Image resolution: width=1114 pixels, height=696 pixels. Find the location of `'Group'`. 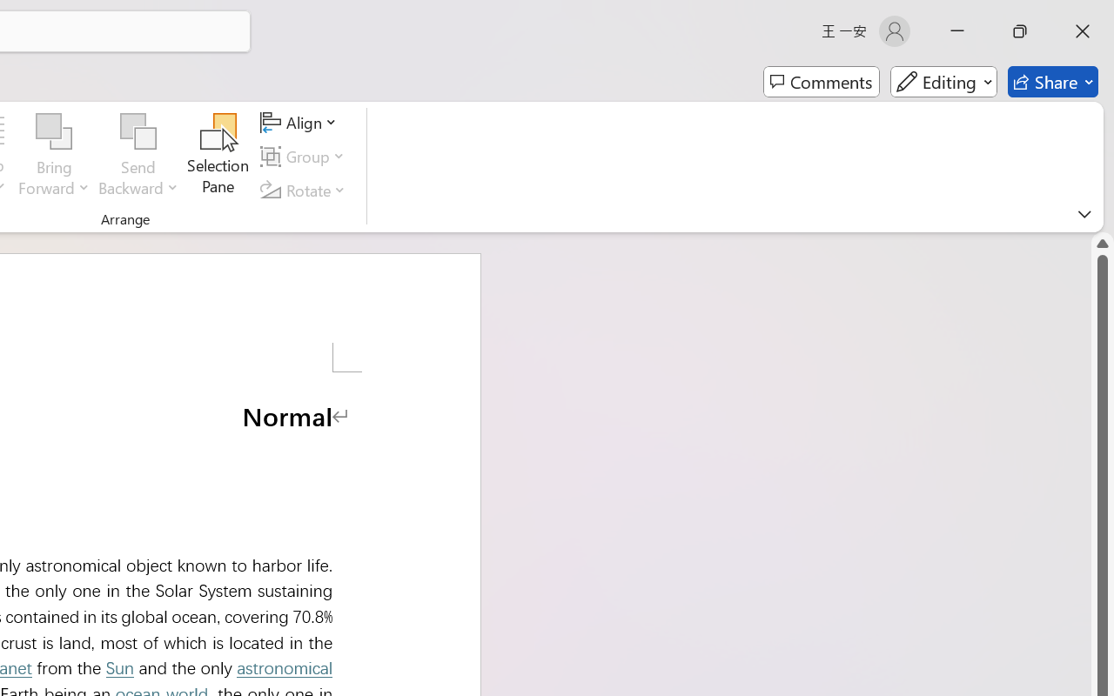

'Group' is located at coordinates (305, 156).